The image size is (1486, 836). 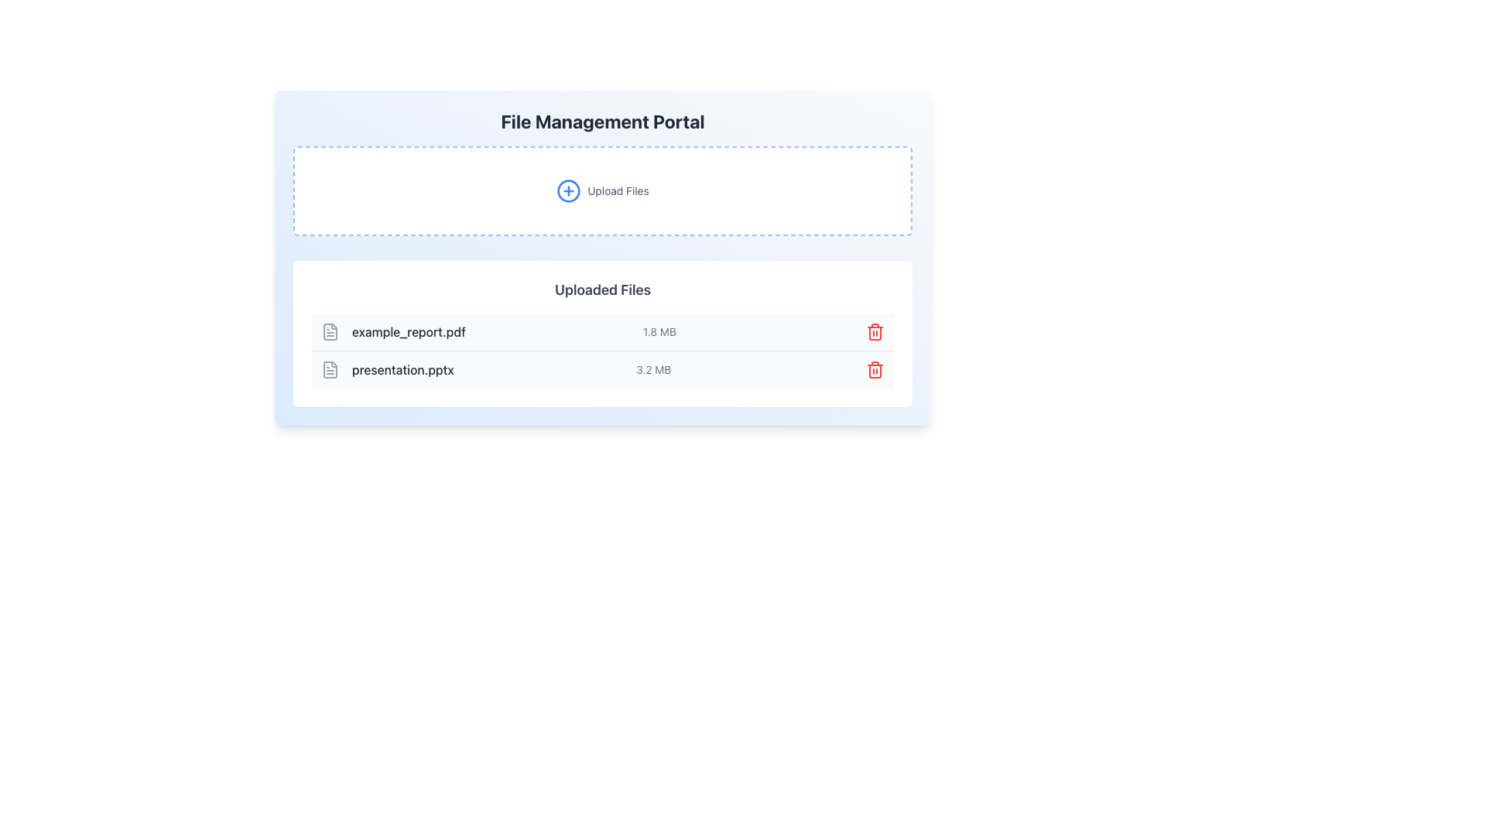 What do you see at coordinates (617, 190) in the screenshot?
I see `the 'Upload Files' text label, which is styled with a small gray font and located next to a blue plus icon in a dashed-bordered upload area` at bounding box center [617, 190].